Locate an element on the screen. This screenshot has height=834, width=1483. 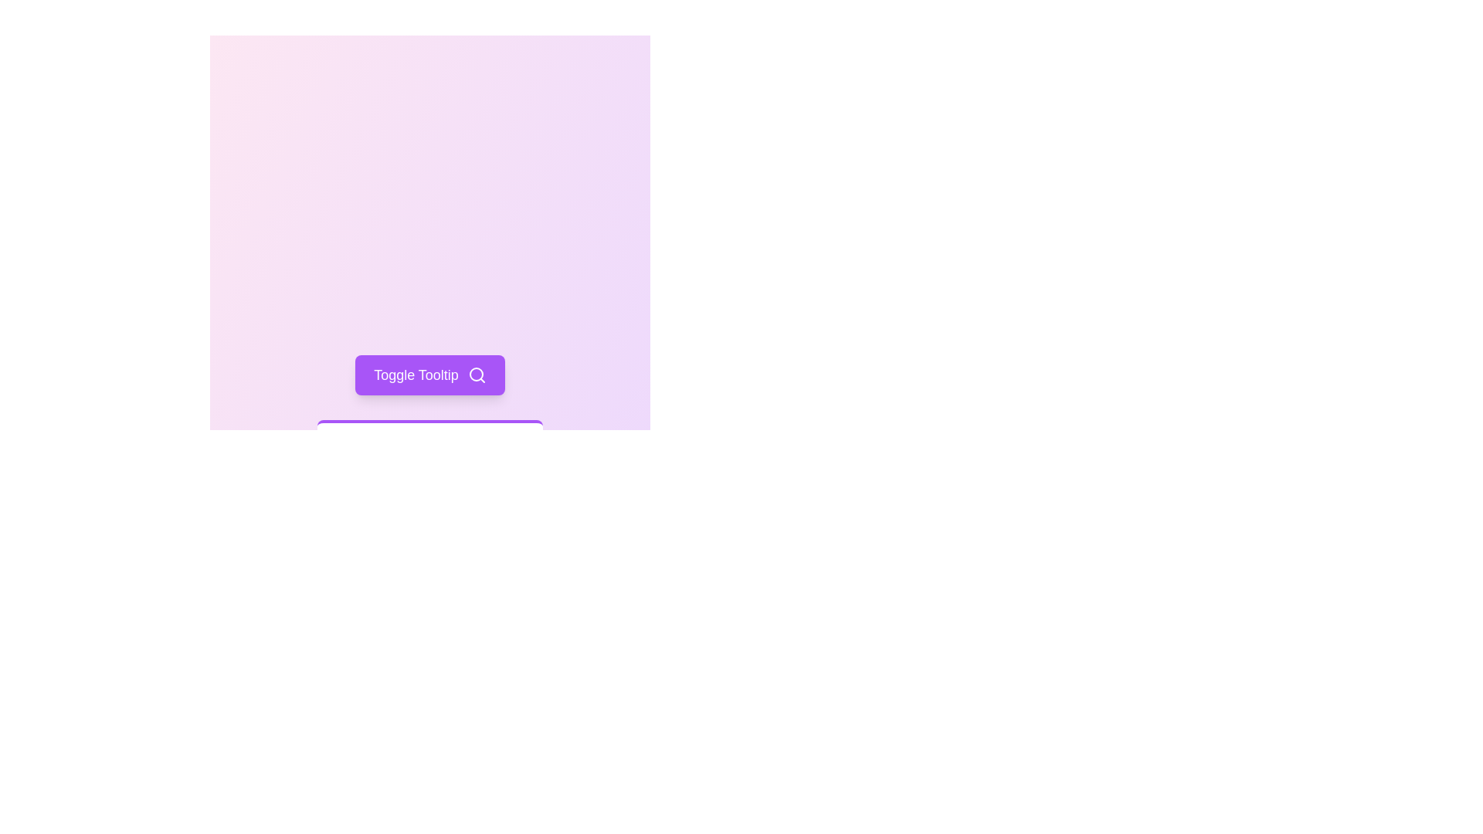
the prominent purple button with rounded corners labeled 'Toggle Tooltip' is located at coordinates (429, 375).